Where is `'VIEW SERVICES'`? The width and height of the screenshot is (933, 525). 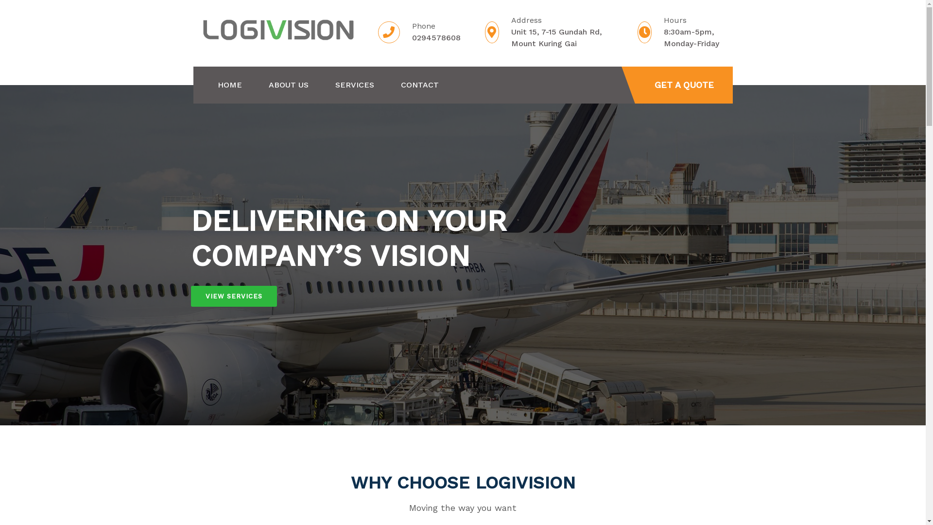
'VIEW SERVICES' is located at coordinates (190, 296).